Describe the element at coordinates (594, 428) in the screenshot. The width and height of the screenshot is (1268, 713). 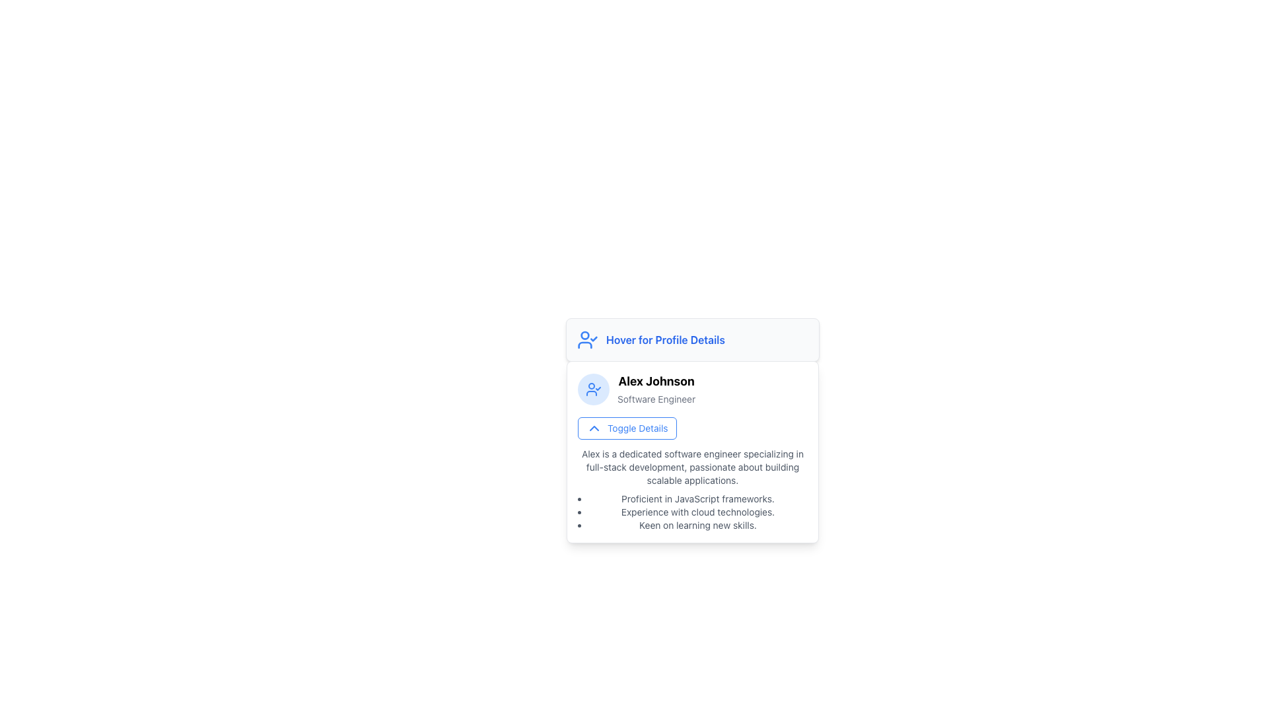
I see `the chevron-up icon inside the 'Toggle Details' button located under 'Alex Johnson' in the profile card` at that location.